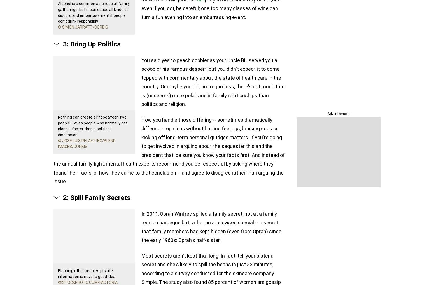  What do you see at coordinates (213, 82) in the screenshot?
I see `'You said yes to peach cobbler as your Uncle Bill served you a scoop of his famous dessert, but you didn't expect it to come topped with commentary about the state of health care in the country. Or maybe you did, but regardless, there's not much that is (or seems) more polarizing in family relationships than politics and religion.'` at bounding box center [213, 82].